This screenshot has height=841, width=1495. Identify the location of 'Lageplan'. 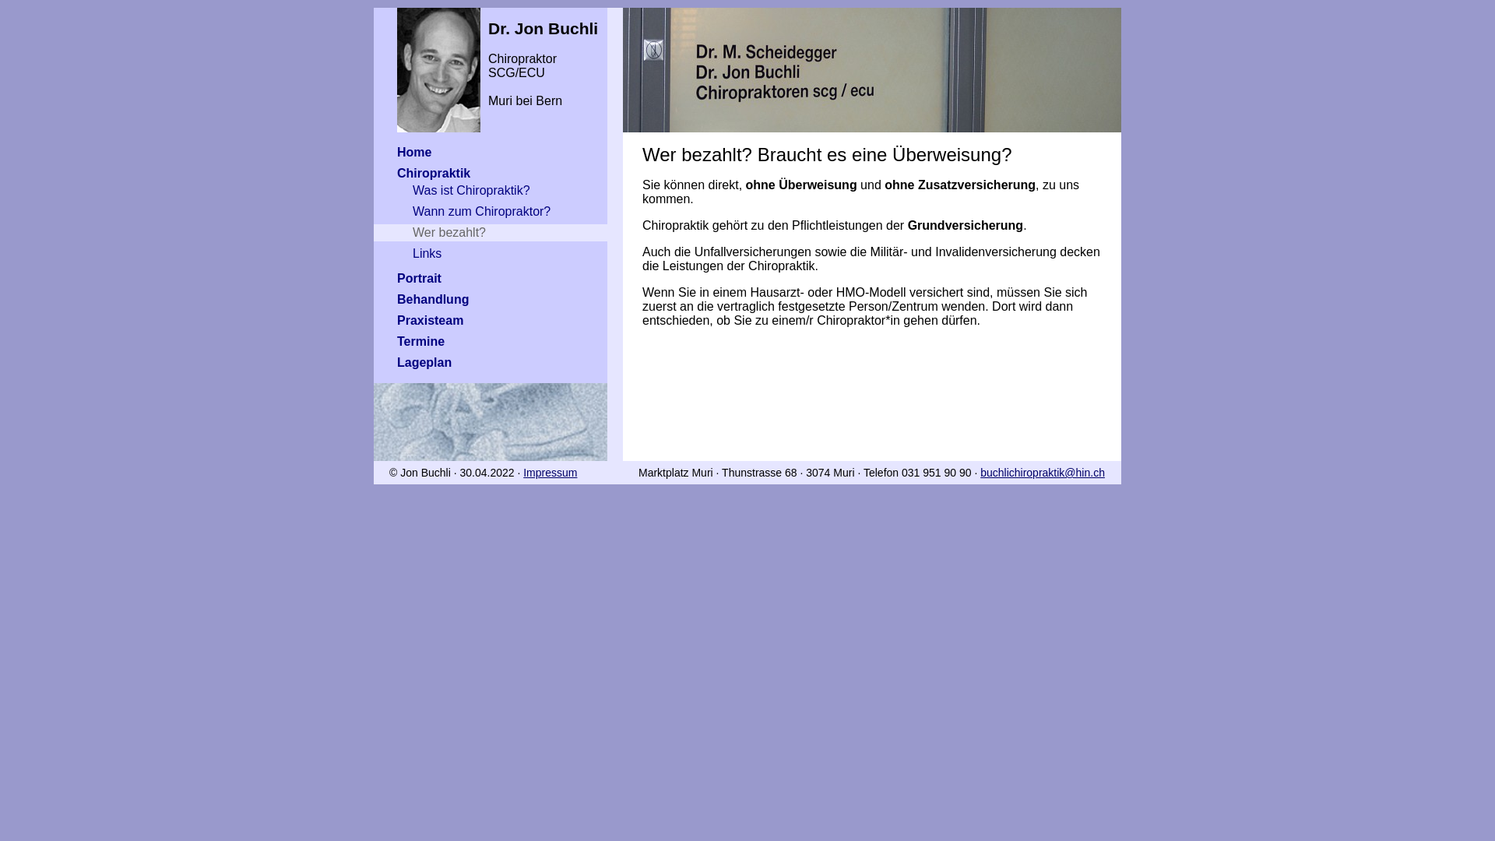
(489, 363).